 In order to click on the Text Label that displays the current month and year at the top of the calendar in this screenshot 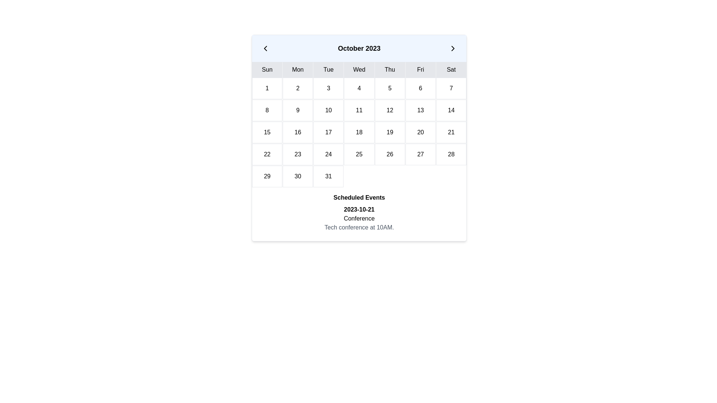, I will do `click(359, 49)`.